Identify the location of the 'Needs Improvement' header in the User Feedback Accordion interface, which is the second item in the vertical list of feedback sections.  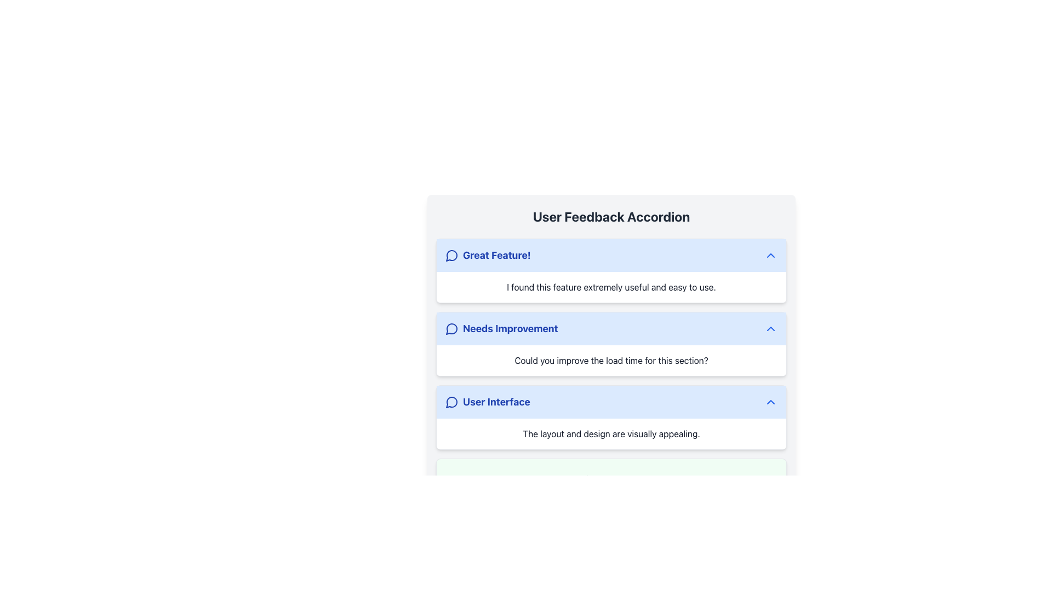
(501, 328).